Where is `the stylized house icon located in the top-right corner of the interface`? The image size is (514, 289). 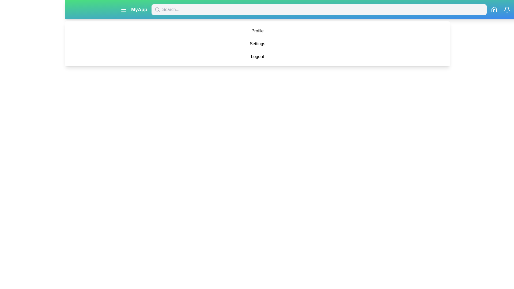 the stylized house icon located in the top-right corner of the interface is located at coordinates (494, 9).